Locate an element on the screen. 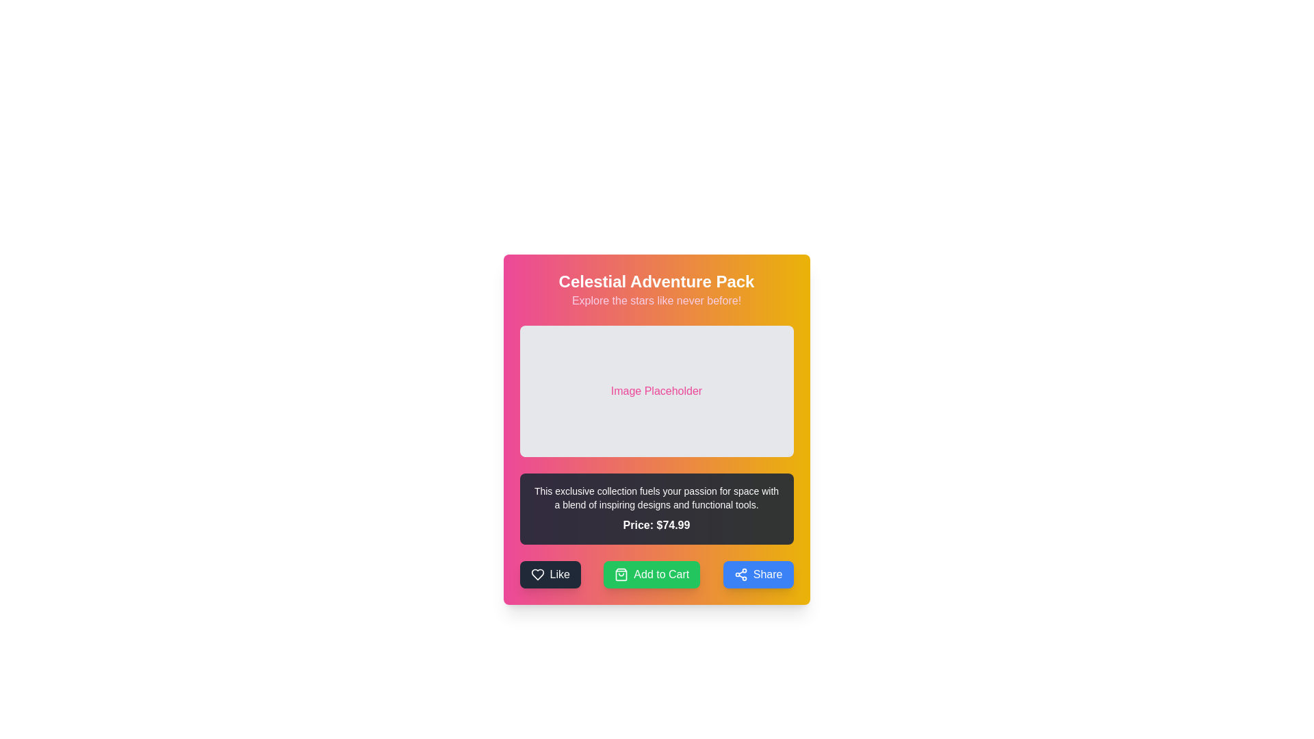 This screenshot has width=1314, height=739. the price display text label located at the bottom-center of the product details card is located at coordinates (656, 524).